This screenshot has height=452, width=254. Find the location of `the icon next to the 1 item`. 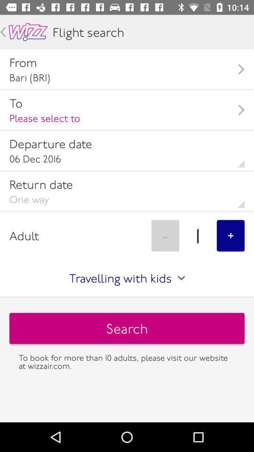

the icon next to the 1 item is located at coordinates (230, 235).